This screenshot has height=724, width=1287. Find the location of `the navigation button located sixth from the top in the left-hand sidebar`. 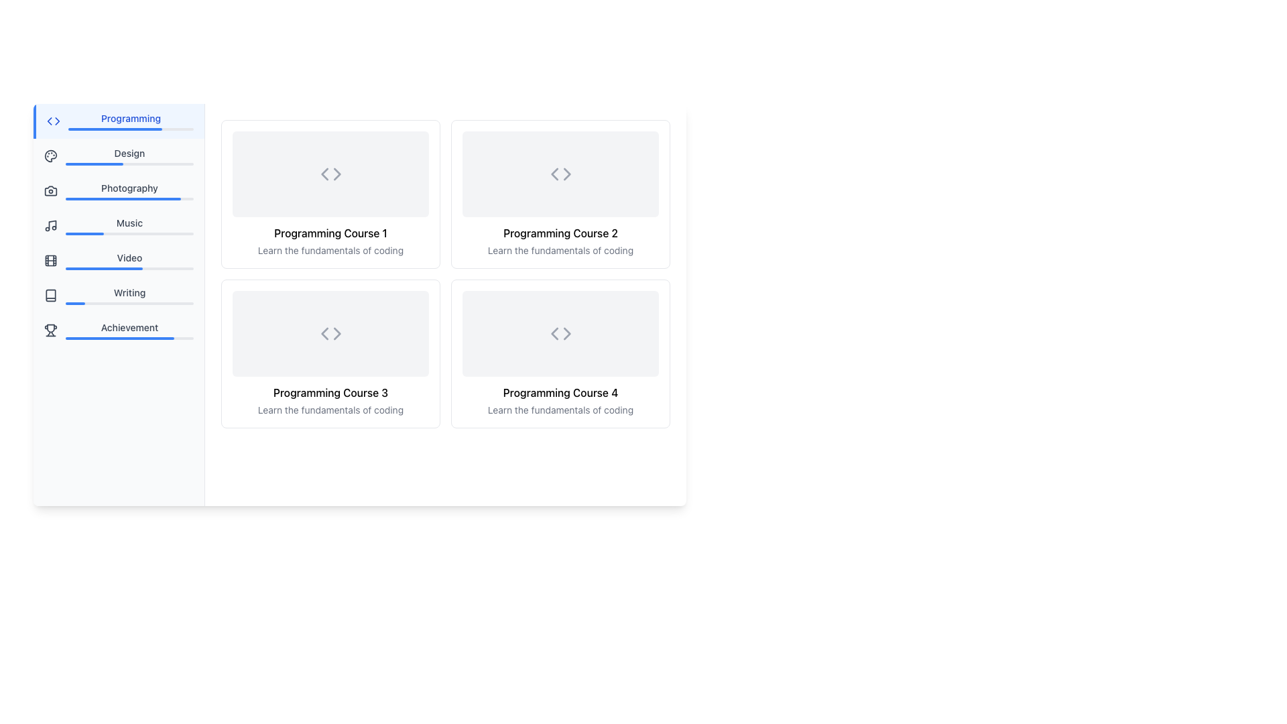

the navigation button located sixth from the top in the left-hand sidebar is located at coordinates (119, 294).